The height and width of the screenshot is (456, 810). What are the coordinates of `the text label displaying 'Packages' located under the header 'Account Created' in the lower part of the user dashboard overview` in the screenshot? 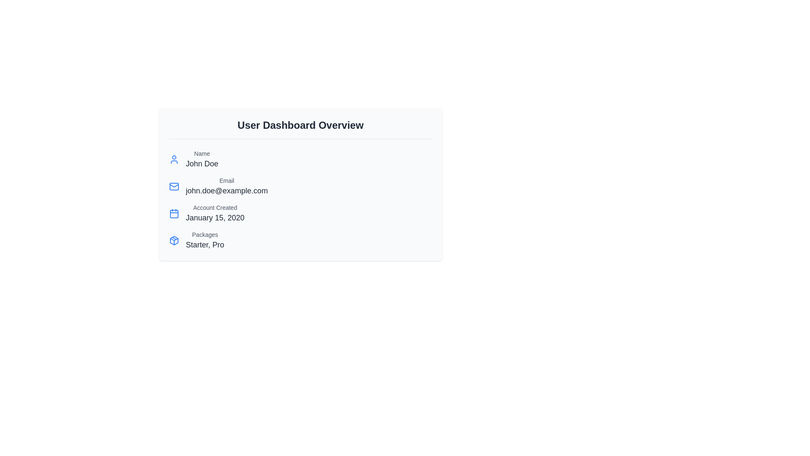 It's located at (205, 234).